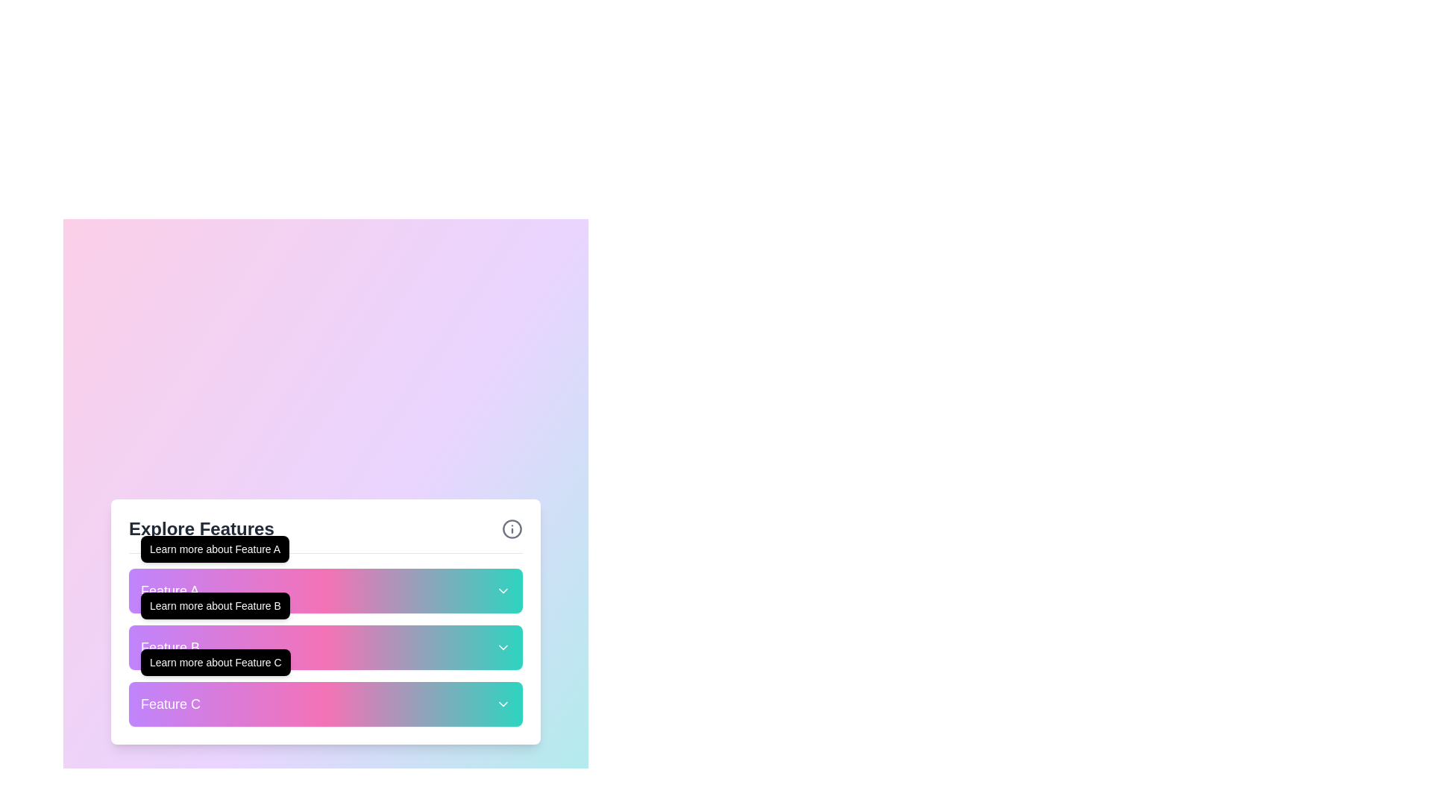 This screenshot has height=805, width=1432. I want to click on the downward-pointing chevron icon located on the far right side of the 'Feature B' section, so click(503, 646).